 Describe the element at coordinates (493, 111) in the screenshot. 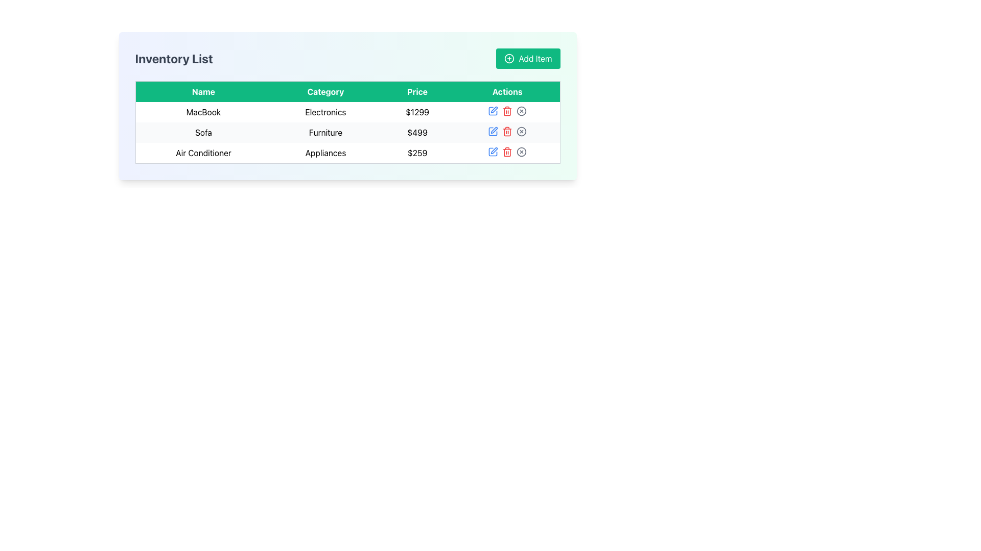

I see `the edit icon button located in the 'Actions' column of the first row in the table to initiate the edit action` at that location.